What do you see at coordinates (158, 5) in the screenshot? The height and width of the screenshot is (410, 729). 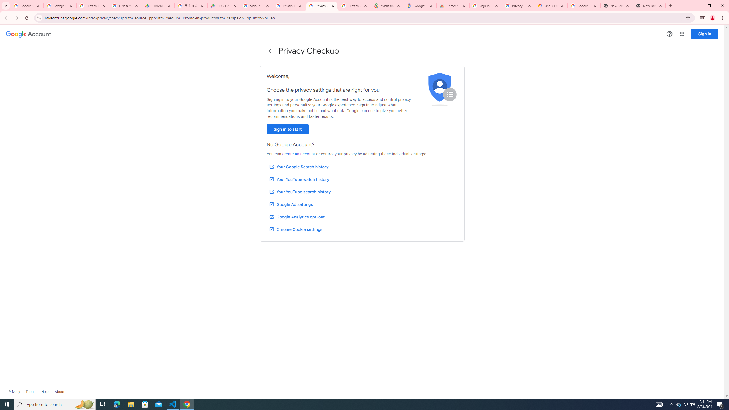 I see `'Currencies - Google Finance'` at bounding box center [158, 5].